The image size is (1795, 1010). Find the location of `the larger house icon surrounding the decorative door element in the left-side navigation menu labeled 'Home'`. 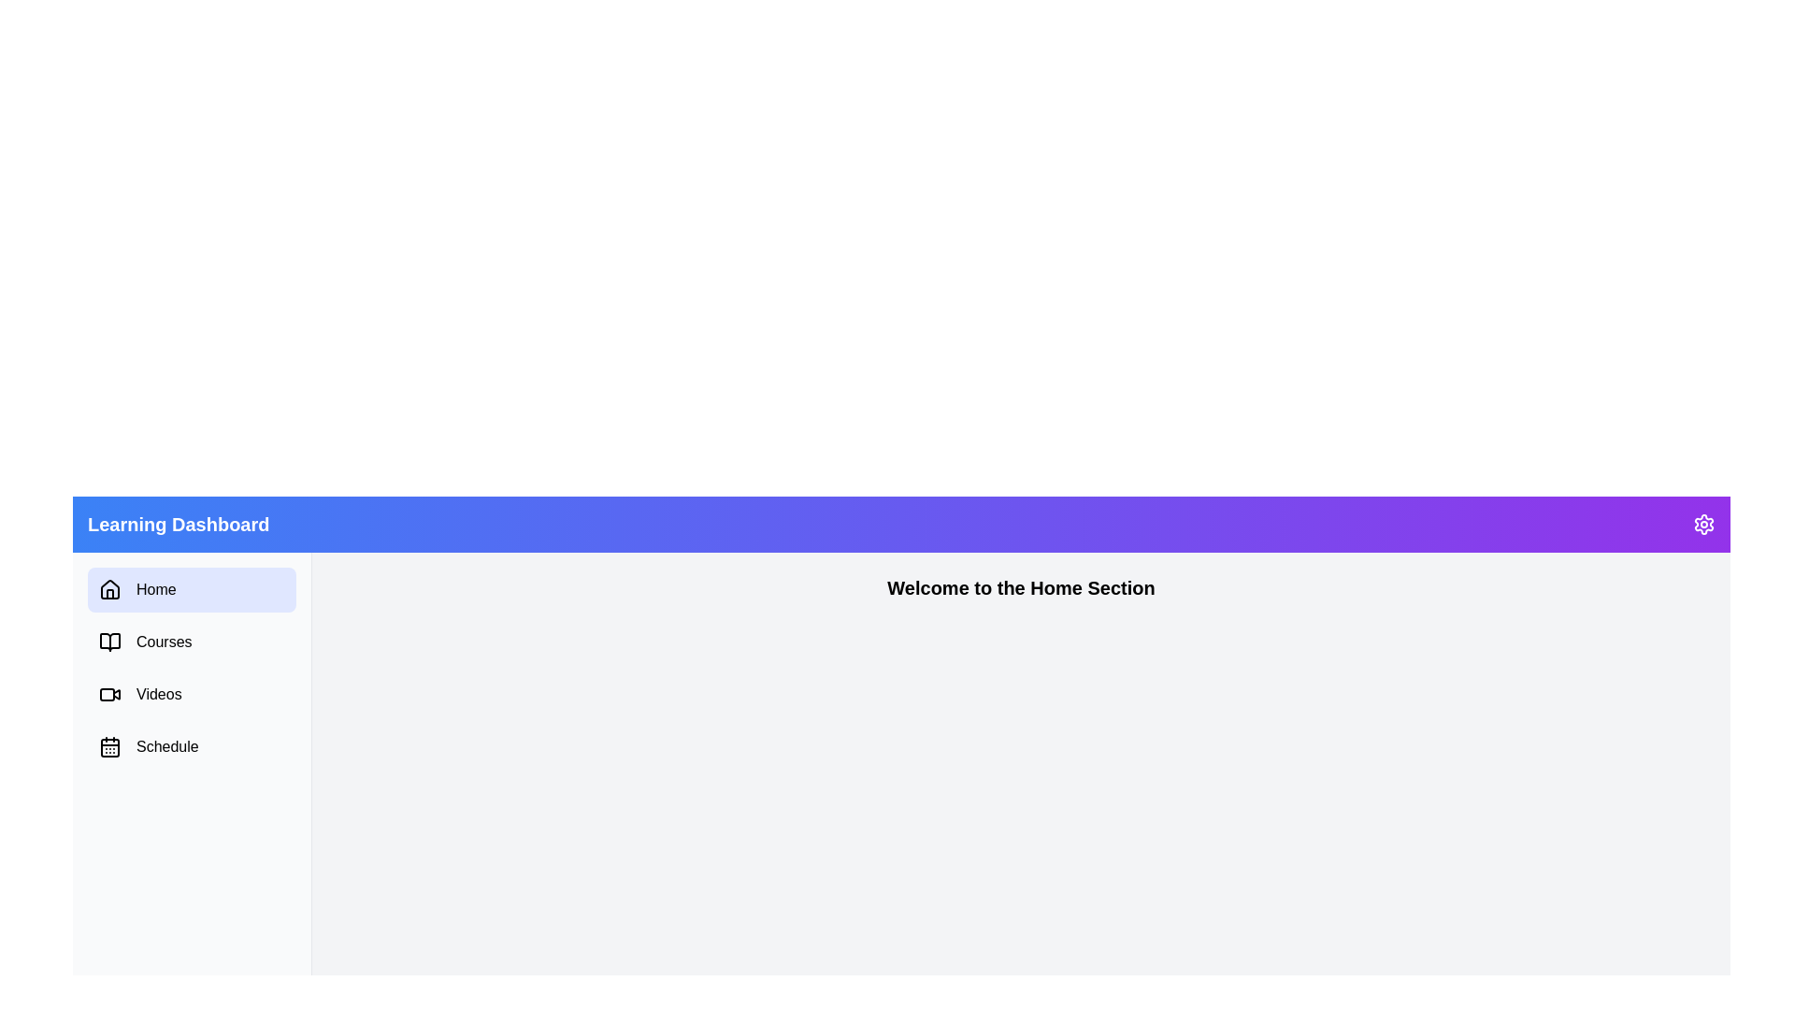

the larger house icon surrounding the decorative door element in the left-side navigation menu labeled 'Home' is located at coordinates (109, 594).